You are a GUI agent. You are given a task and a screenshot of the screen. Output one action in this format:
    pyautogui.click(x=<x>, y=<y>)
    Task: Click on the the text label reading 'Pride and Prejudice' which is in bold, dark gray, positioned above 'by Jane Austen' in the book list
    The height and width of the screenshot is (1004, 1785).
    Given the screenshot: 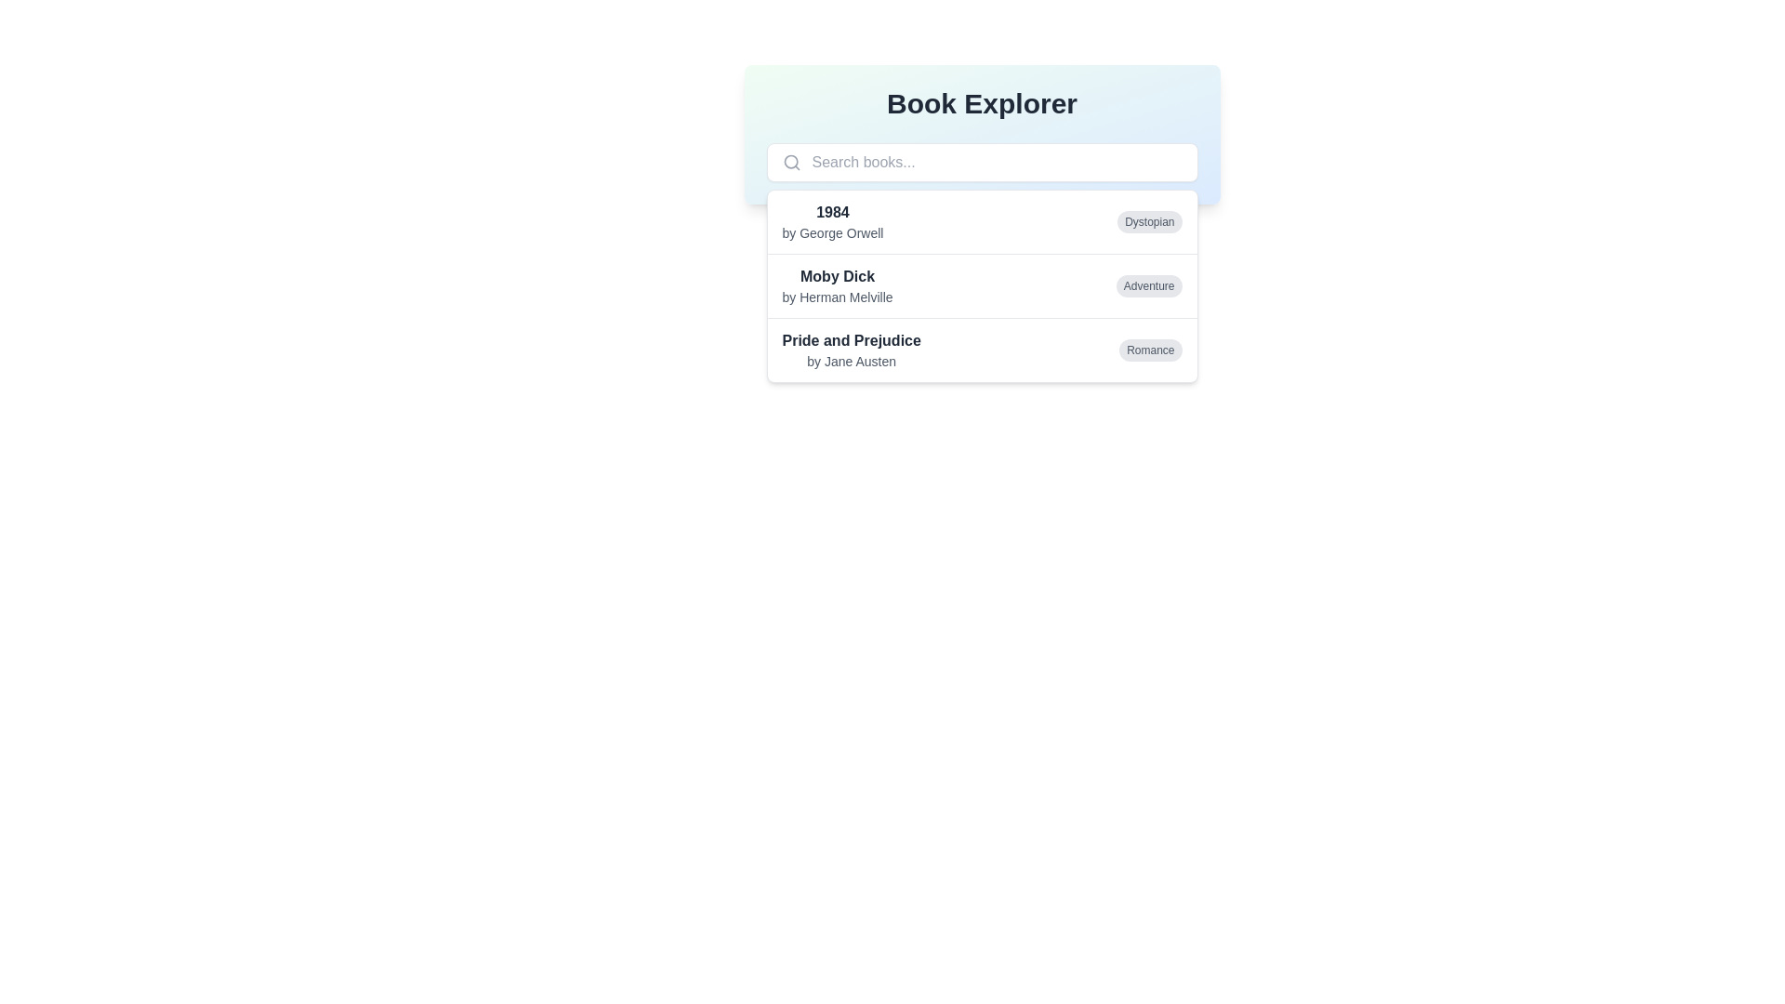 What is the action you would take?
    pyautogui.click(x=851, y=340)
    